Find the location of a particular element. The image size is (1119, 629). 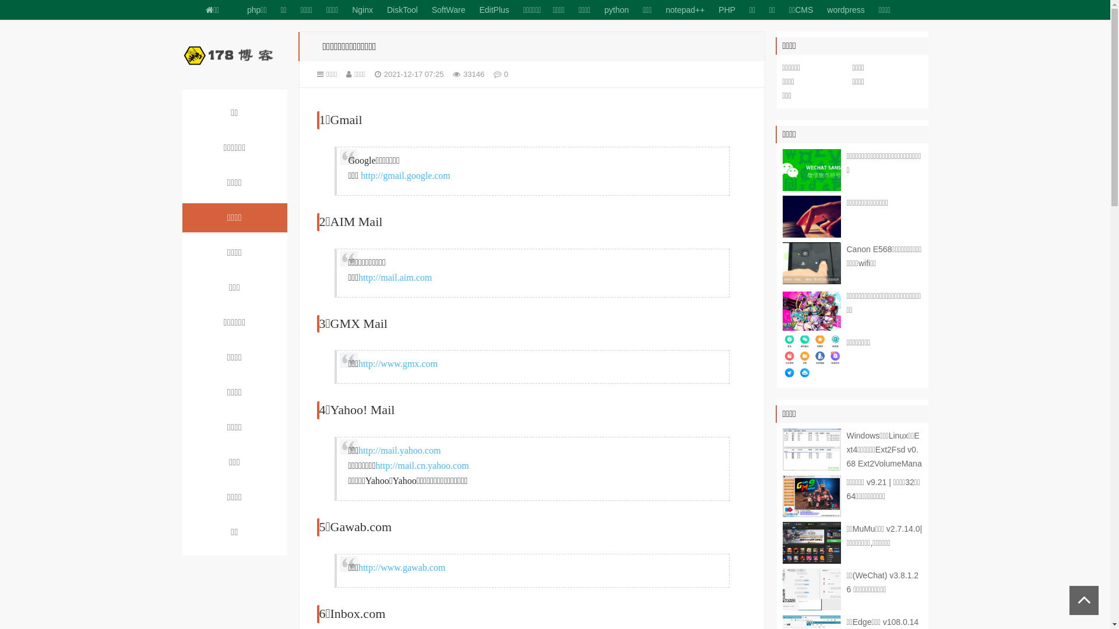

'python' is located at coordinates (615, 9).